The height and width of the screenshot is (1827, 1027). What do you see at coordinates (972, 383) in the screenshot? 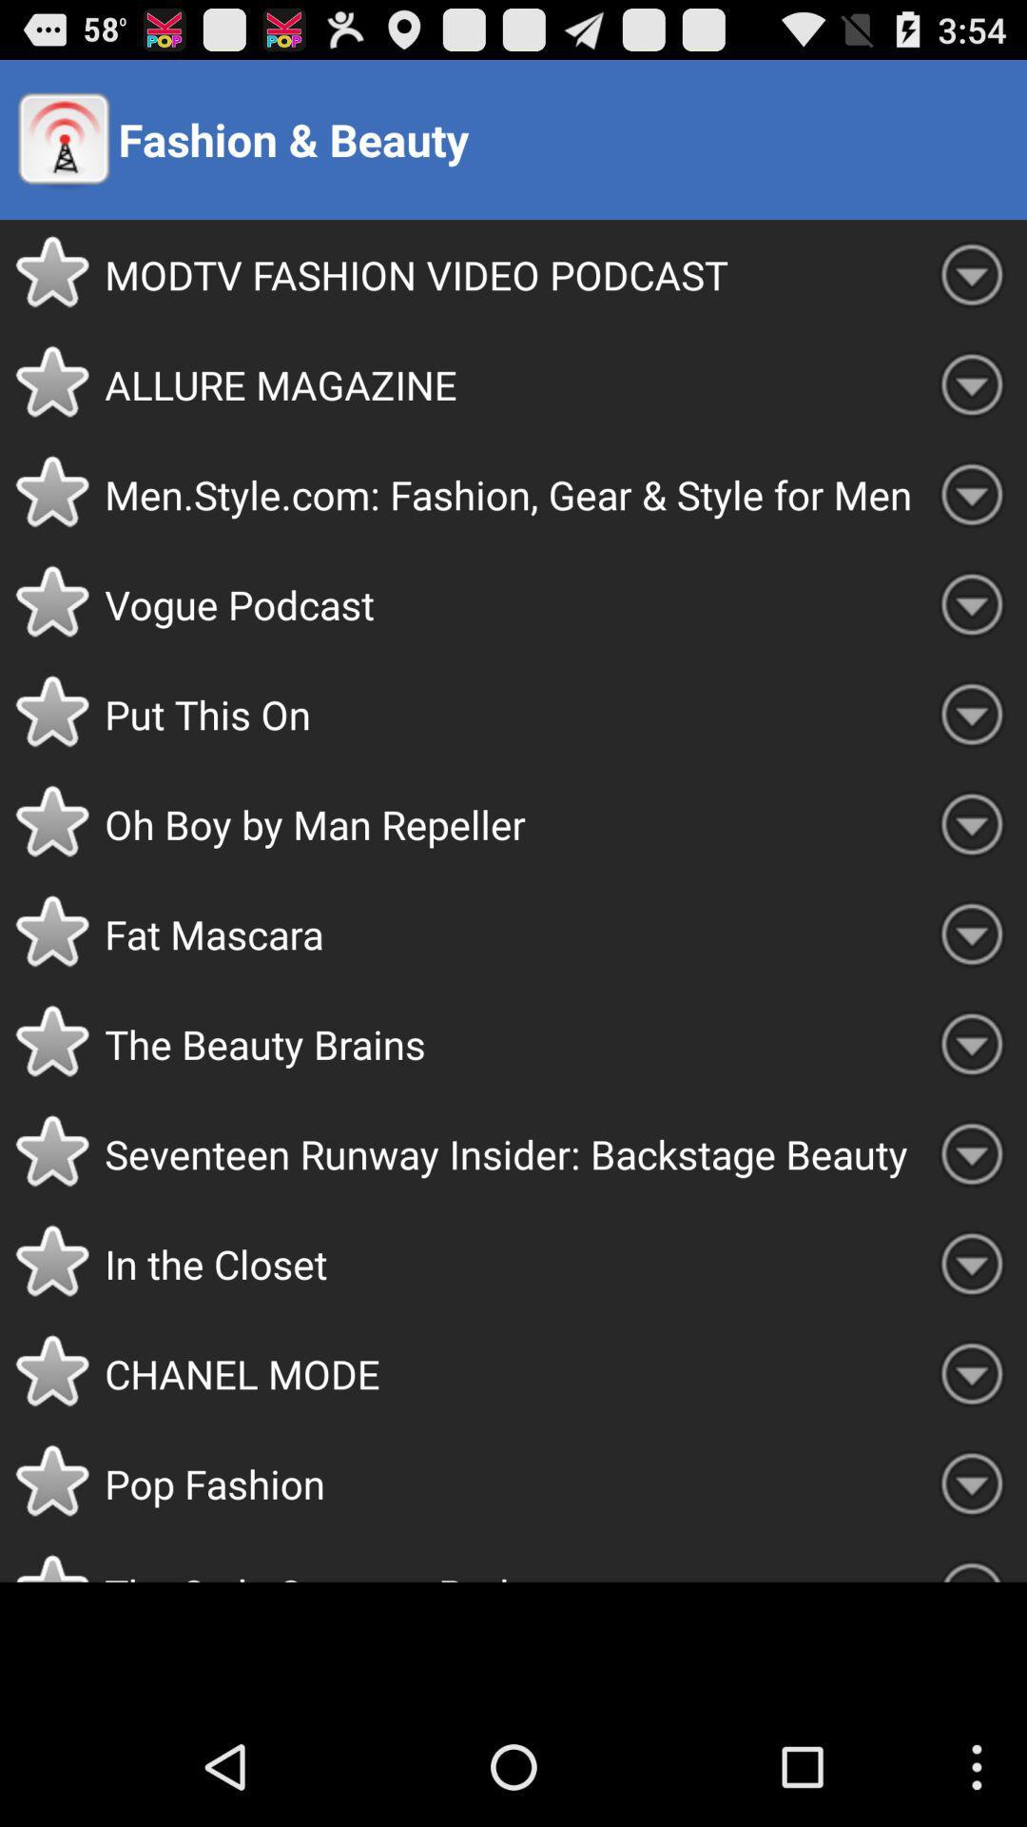
I see `the second arrow symbol from top` at bounding box center [972, 383].